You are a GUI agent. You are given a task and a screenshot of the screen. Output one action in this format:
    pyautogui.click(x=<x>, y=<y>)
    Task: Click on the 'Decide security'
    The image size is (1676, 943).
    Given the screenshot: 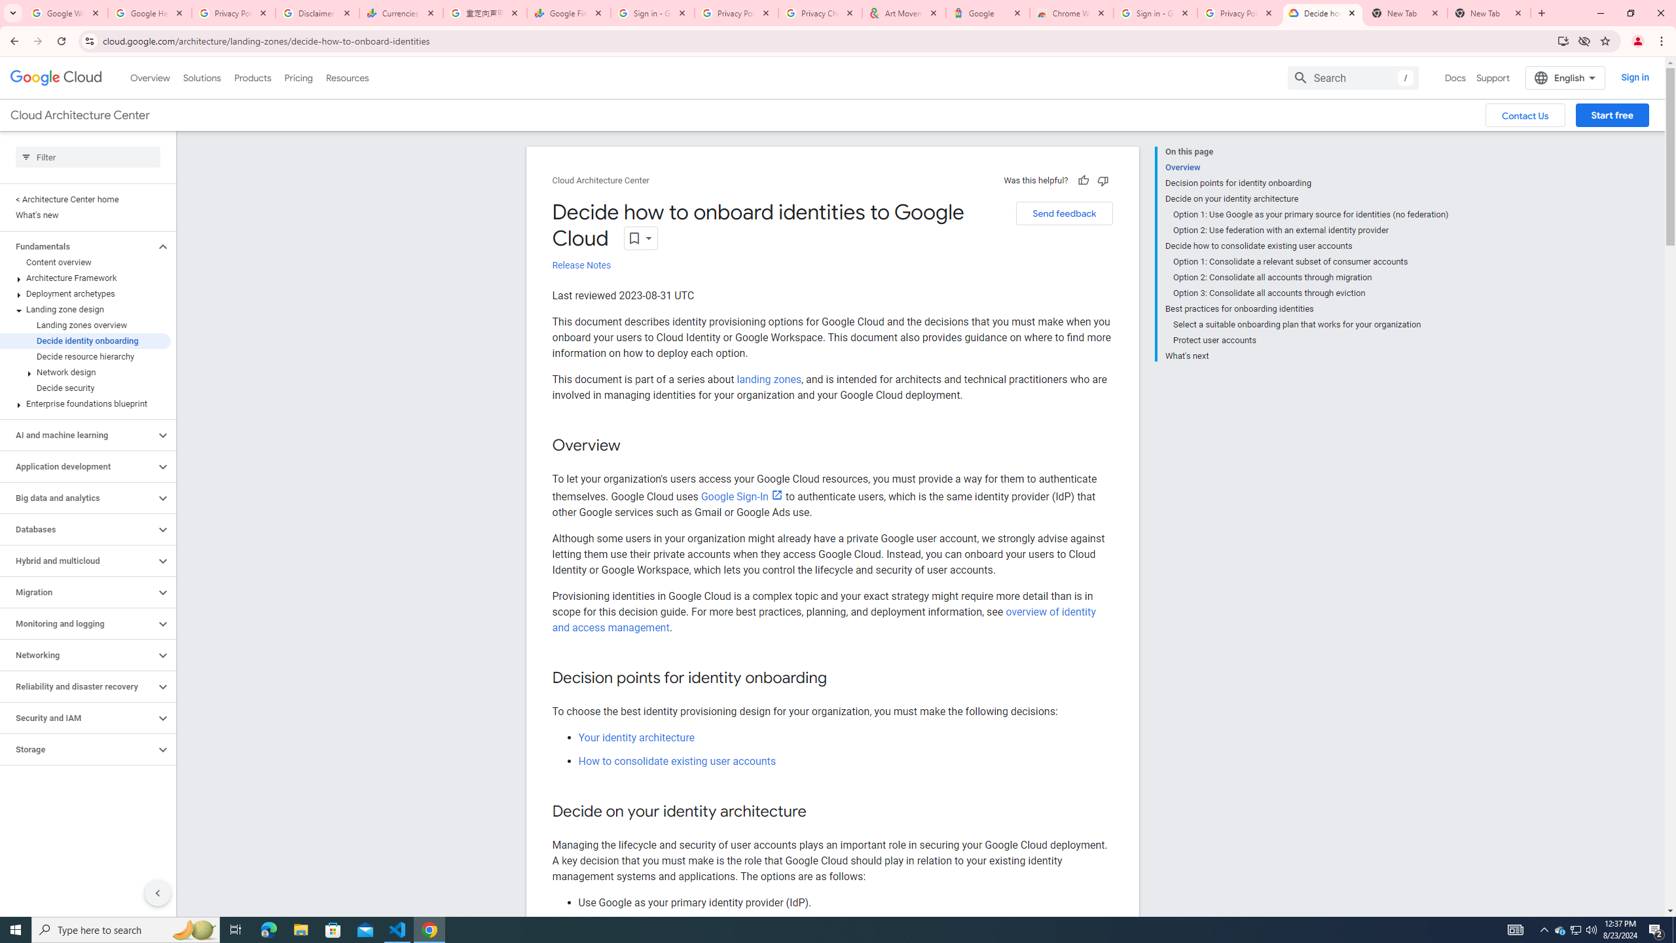 What is the action you would take?
    pyautogui.click(x=85, y=387)
    